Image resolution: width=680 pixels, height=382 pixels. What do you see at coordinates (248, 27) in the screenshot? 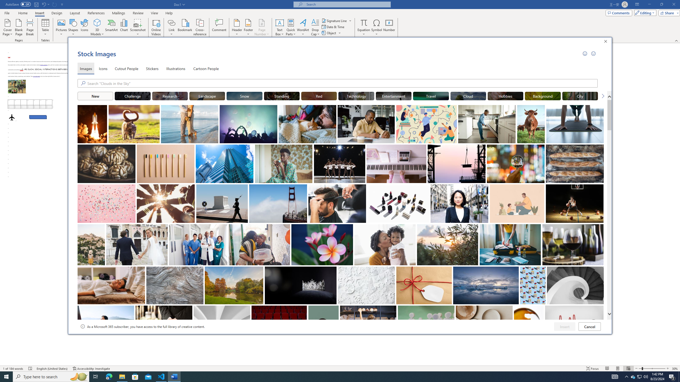
I see `'Footer'` at bounding box center [248, 27].